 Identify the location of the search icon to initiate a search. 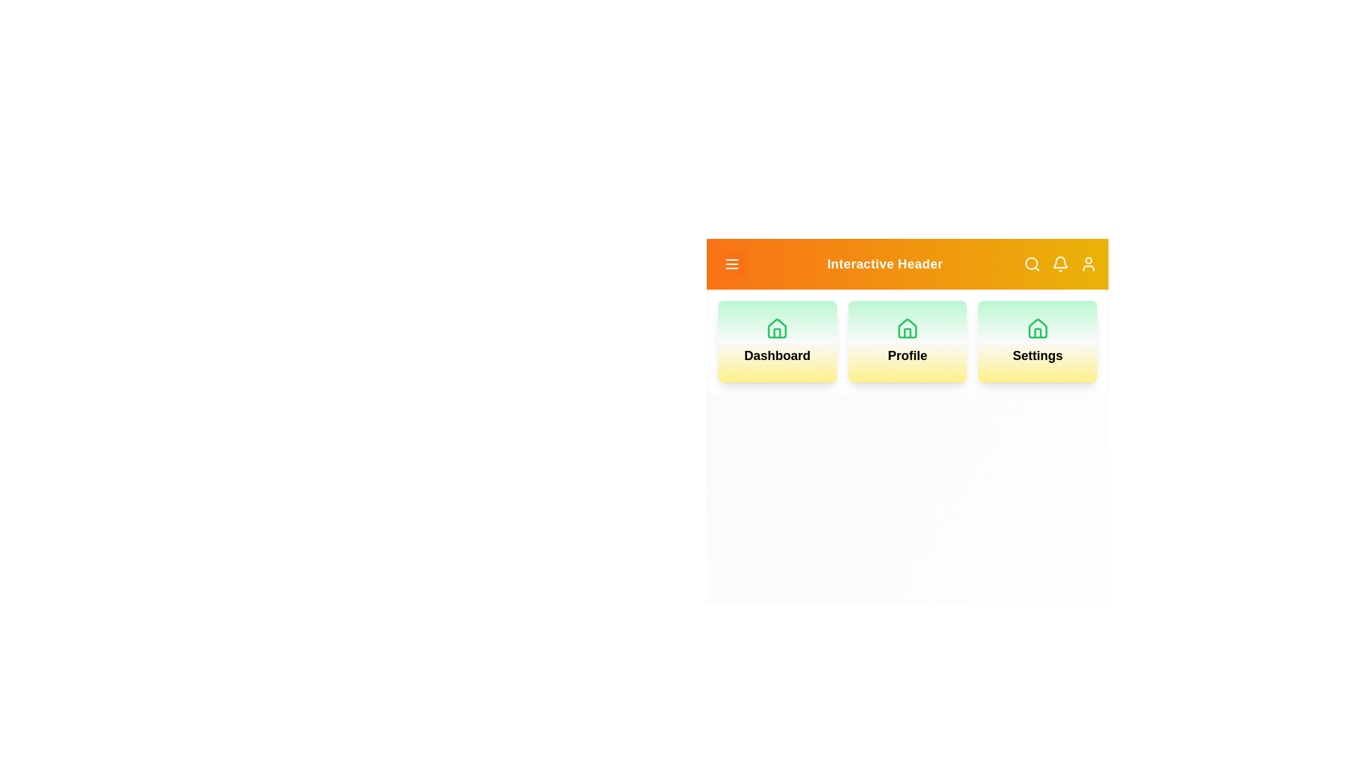
(1032, 264).